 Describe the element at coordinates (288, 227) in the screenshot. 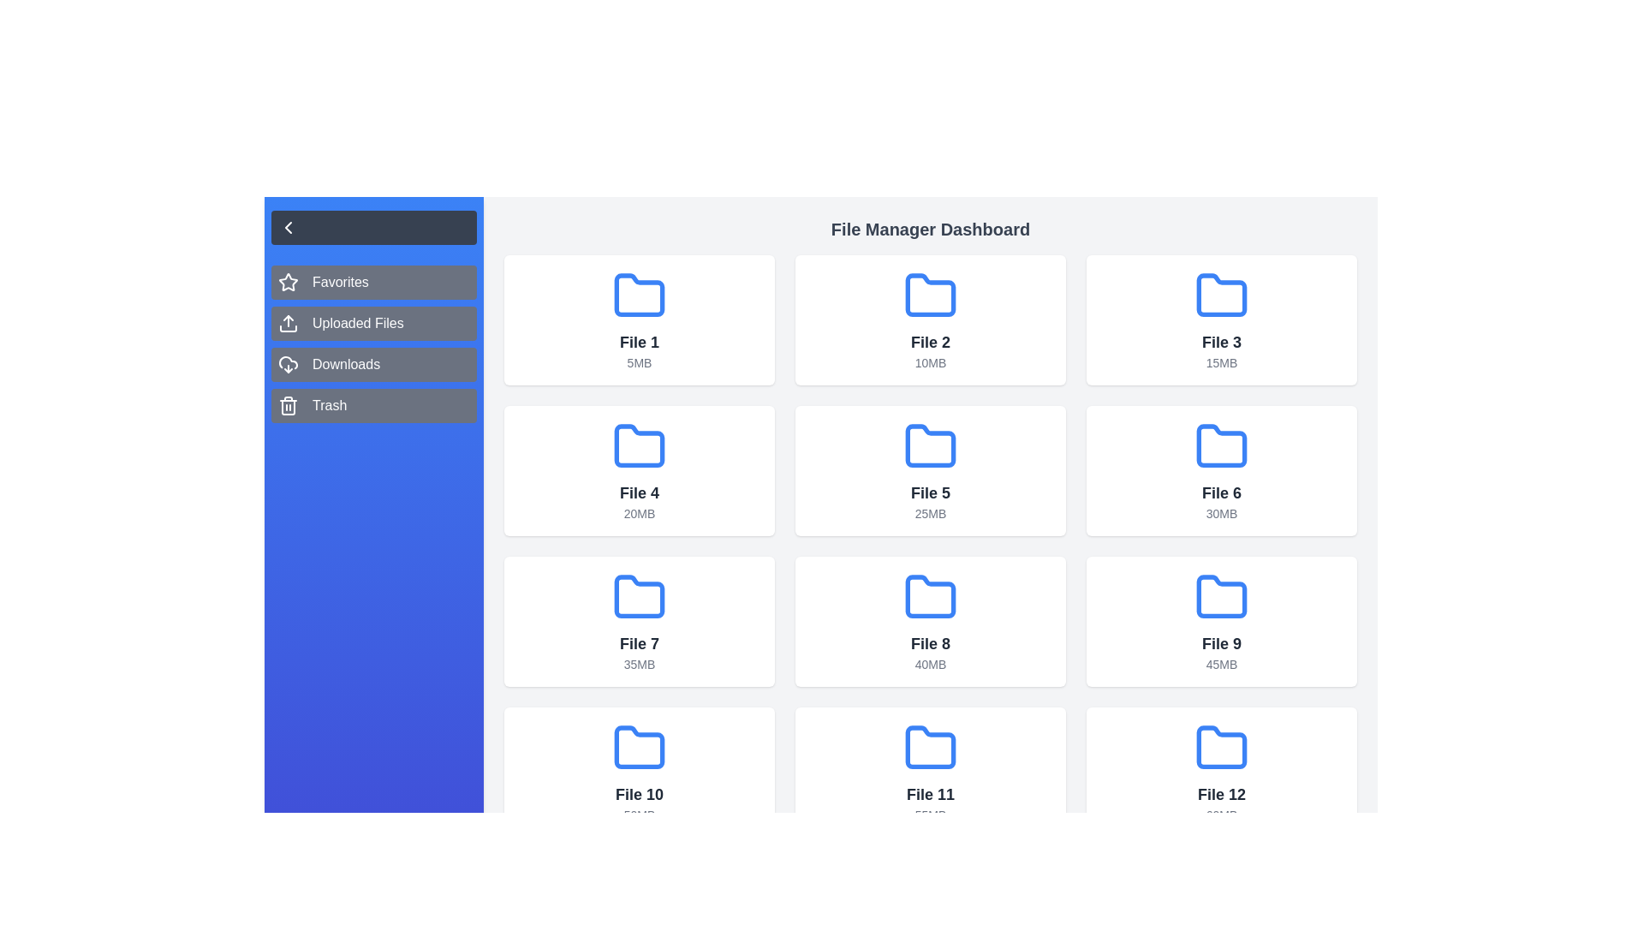

I see `the toggle button to change the sidebar drawer's state` at that location.